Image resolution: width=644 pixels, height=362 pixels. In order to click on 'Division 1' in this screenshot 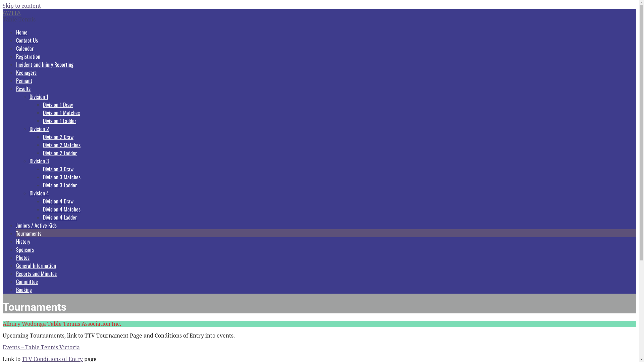, I will do `click(38, 97)`.